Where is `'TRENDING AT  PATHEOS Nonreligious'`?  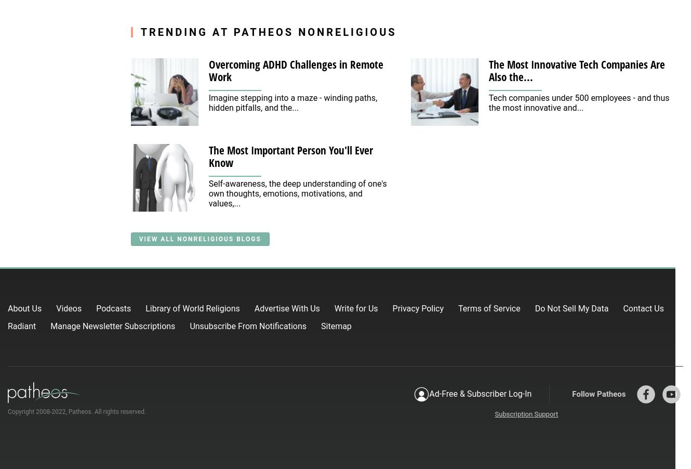
'TRENDING AT  PATHEOS Nonreligious' is located at coordinates (268, 31).